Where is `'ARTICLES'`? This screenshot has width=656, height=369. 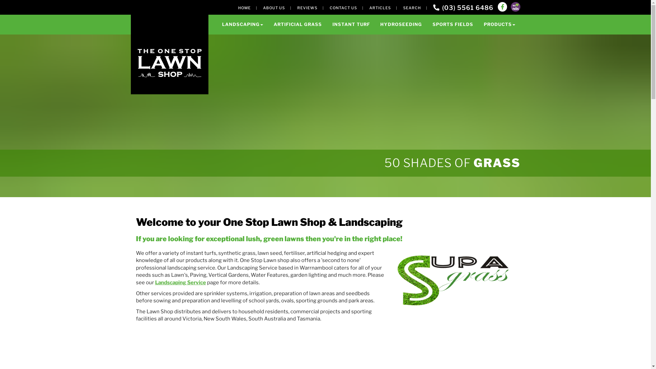
'ARTICLES' is located at coordinates (379, 8).